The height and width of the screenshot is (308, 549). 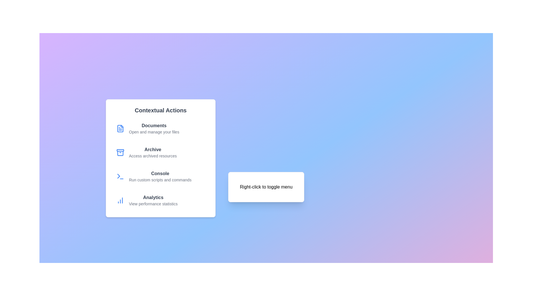 I want to click on the menu option Documents to view its hover effect, so click(x=160, y=129).